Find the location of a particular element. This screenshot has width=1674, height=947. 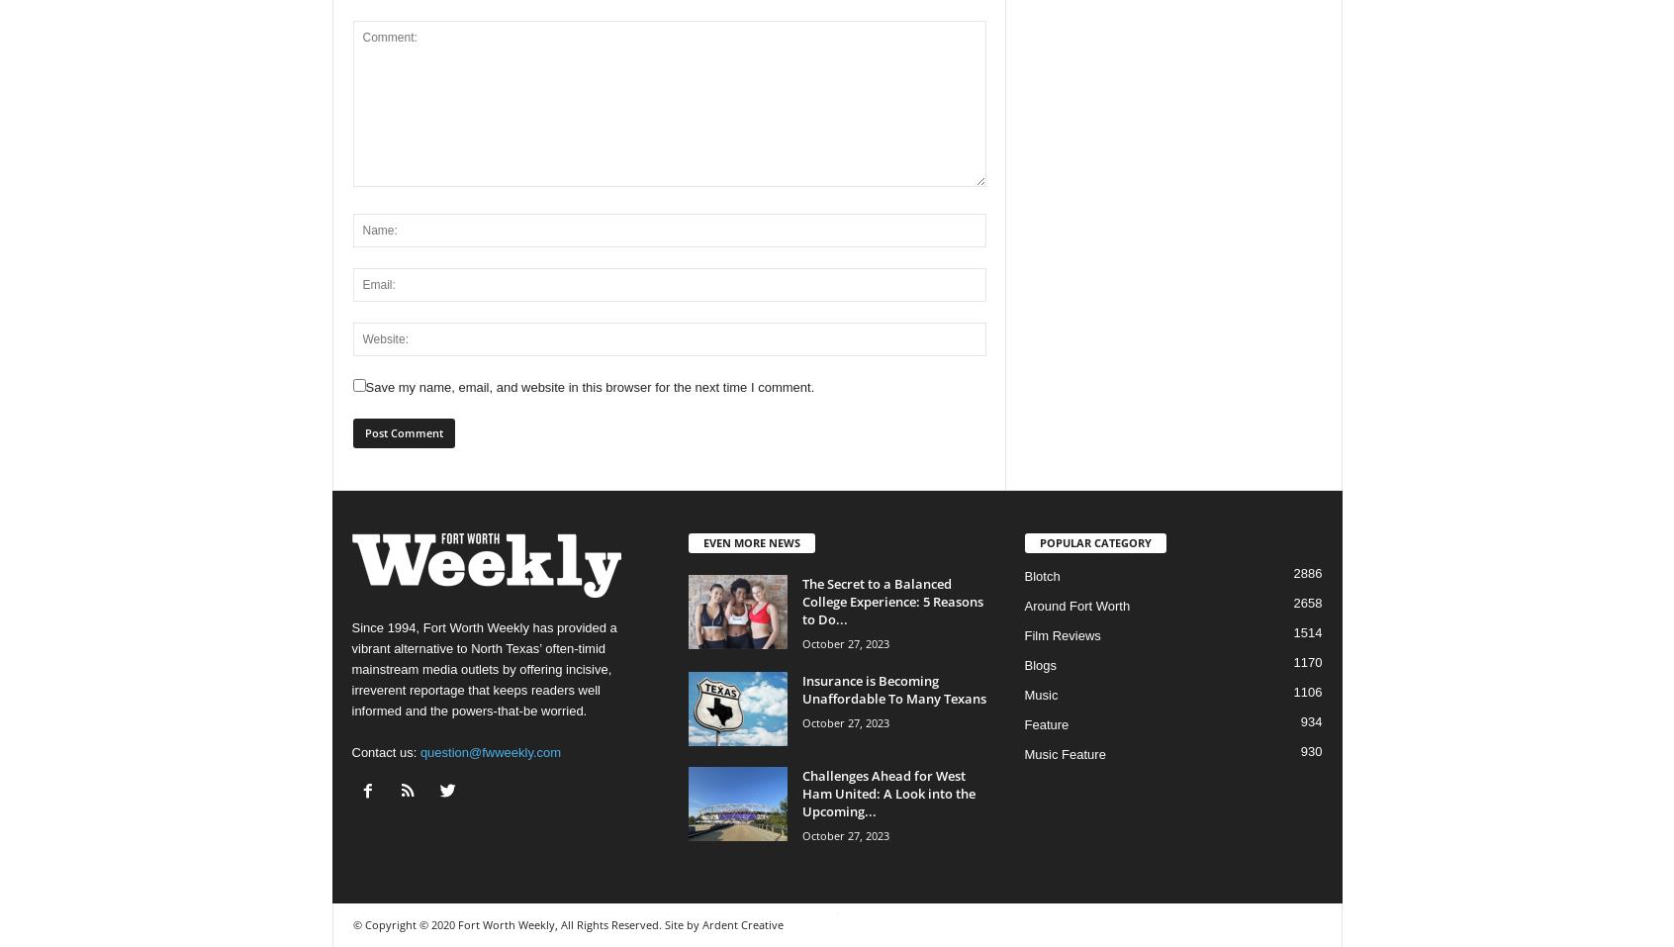

'Insurance is Becoming Unaffordable To Many Texans' is located at coordinates (892, 689).